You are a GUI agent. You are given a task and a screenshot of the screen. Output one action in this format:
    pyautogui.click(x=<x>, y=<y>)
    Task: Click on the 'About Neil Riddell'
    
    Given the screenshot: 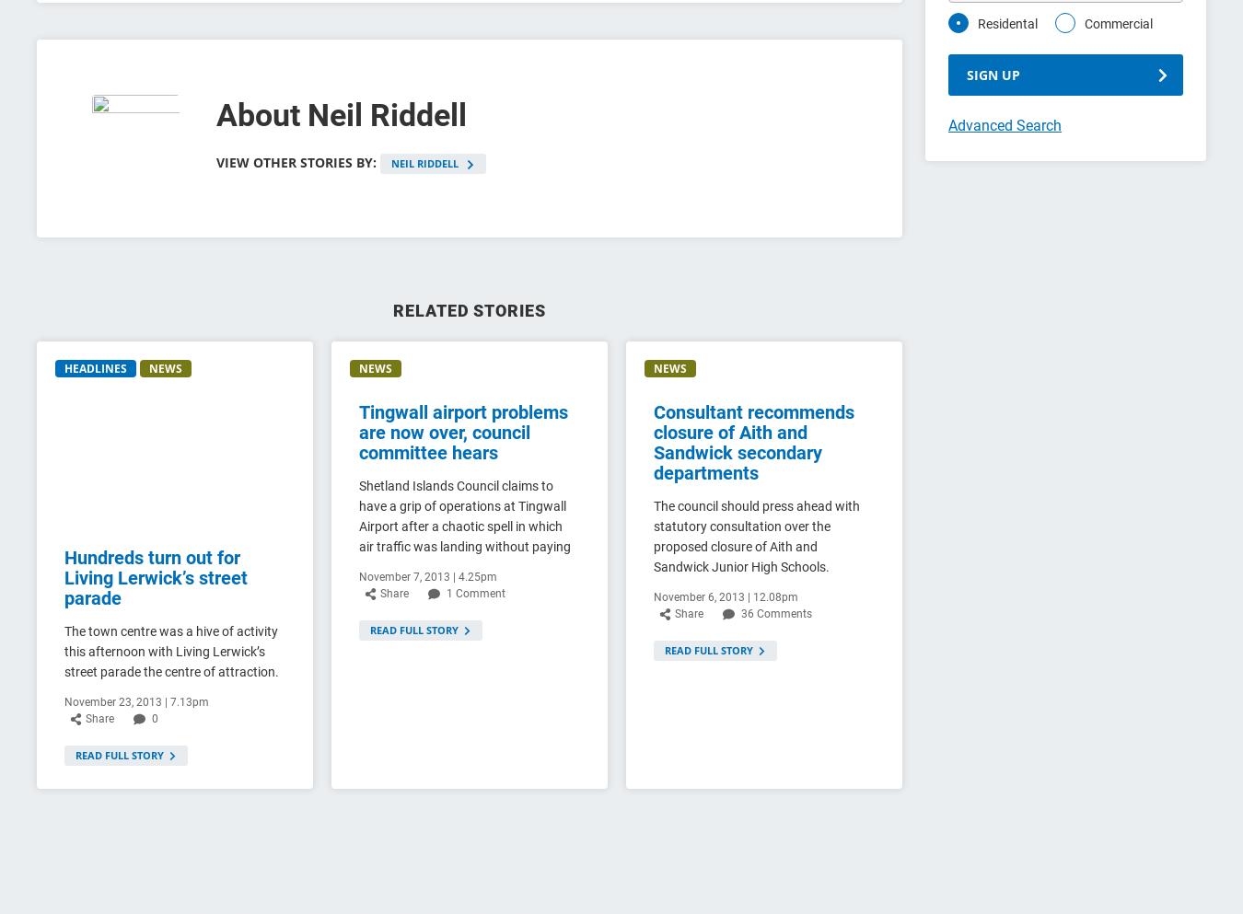 What is the action you would take?
    pyautogui.click(x=215, y=115)
    